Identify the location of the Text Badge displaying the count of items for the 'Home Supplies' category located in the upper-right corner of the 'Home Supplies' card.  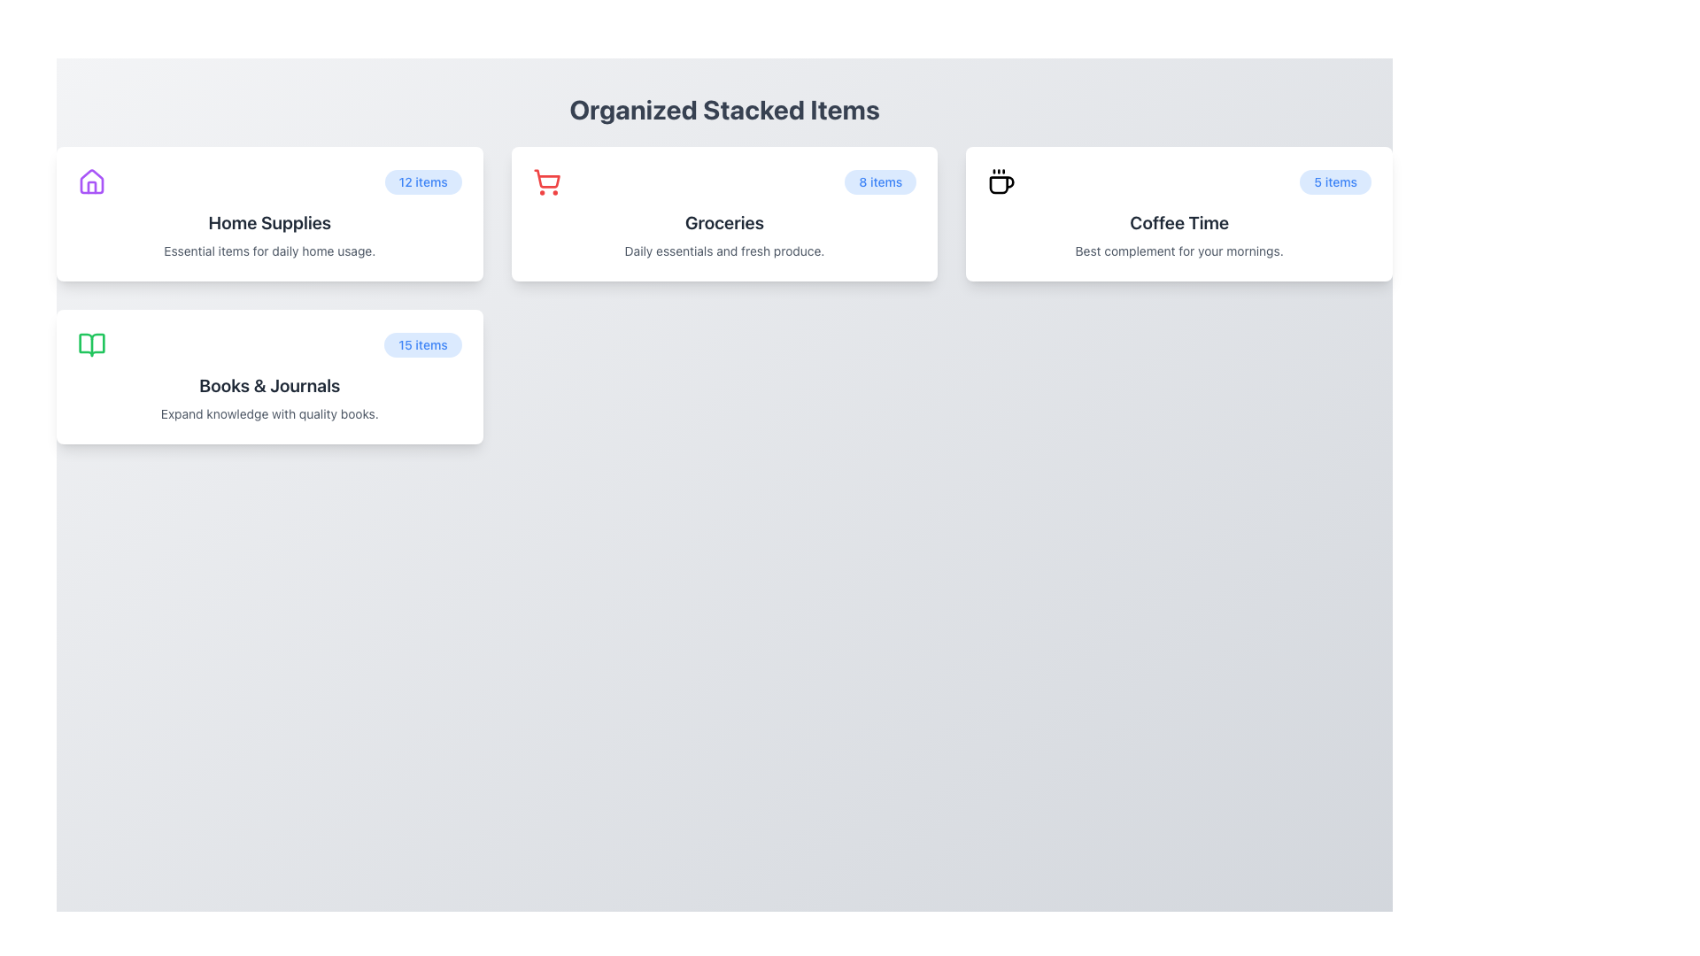
(422, 181).